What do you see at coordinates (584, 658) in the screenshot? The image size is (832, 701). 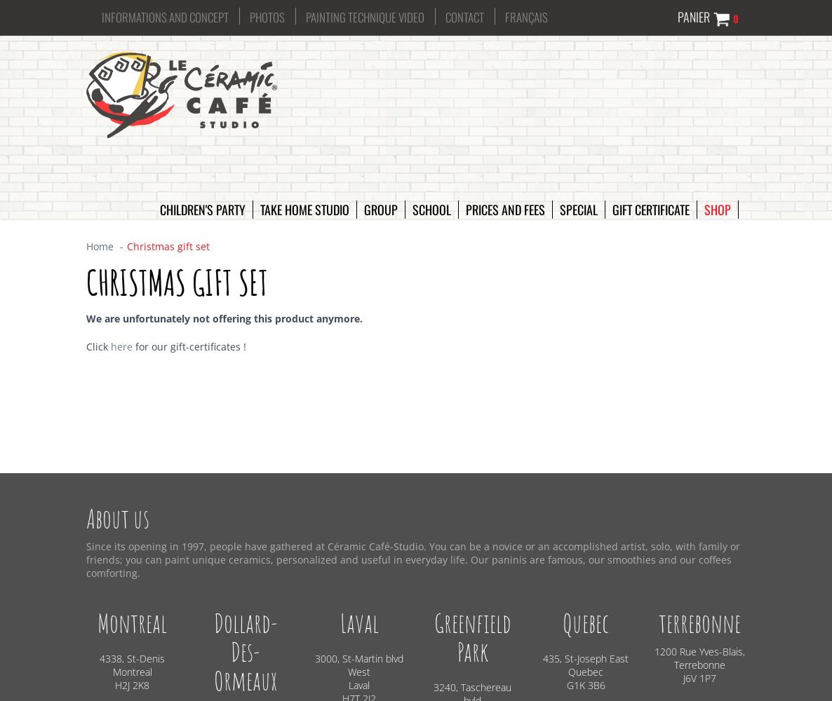 I see `'435, St-Joseph East'` at bounding box center [584, 658].